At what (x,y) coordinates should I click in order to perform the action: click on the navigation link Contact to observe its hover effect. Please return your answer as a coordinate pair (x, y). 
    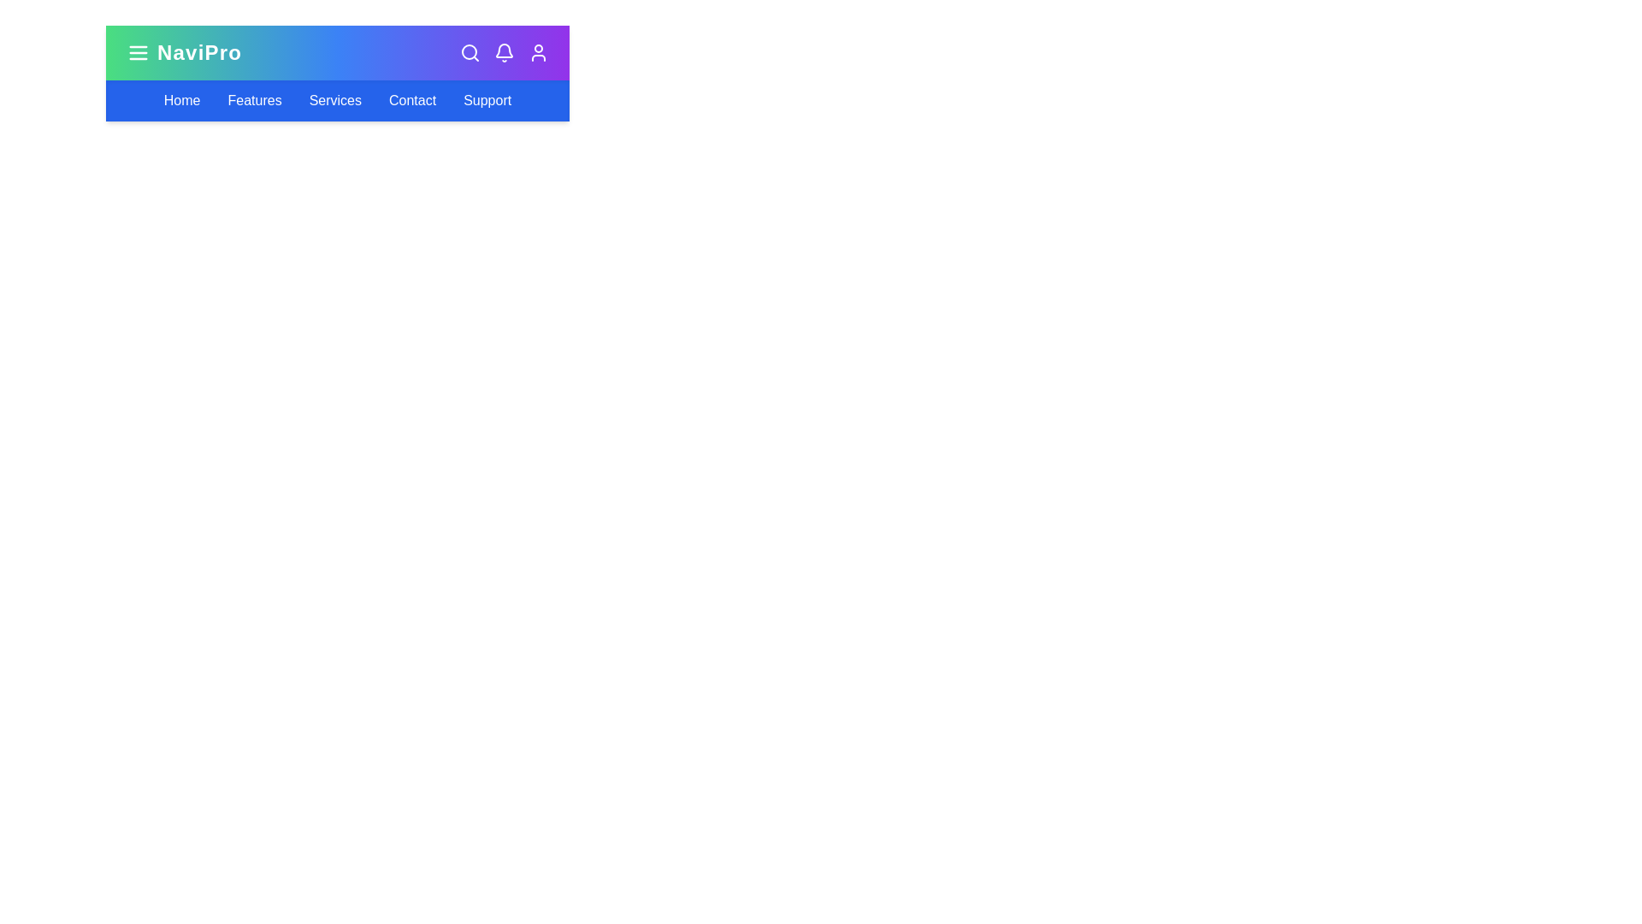
    Looking at the image, I should click on (411, 101).